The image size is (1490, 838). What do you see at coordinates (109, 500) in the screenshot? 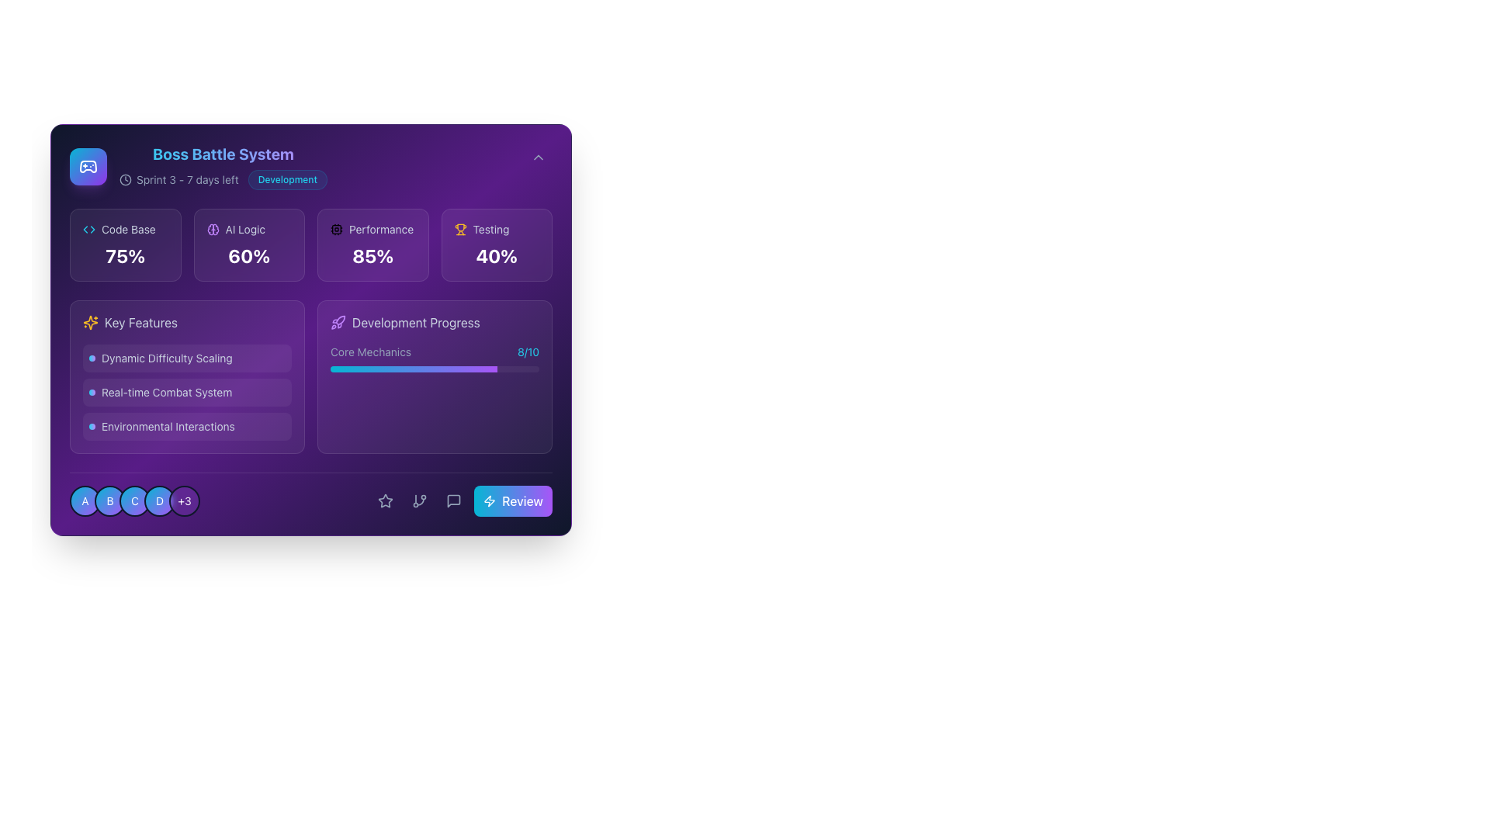
I see `the circular button with a gradient background transitioning from cyan to purple that contains the letter 'B' in white, located between buttons 'A' and 'C' in the bottom-left corner of the interface` at bounding box center [109, 500].